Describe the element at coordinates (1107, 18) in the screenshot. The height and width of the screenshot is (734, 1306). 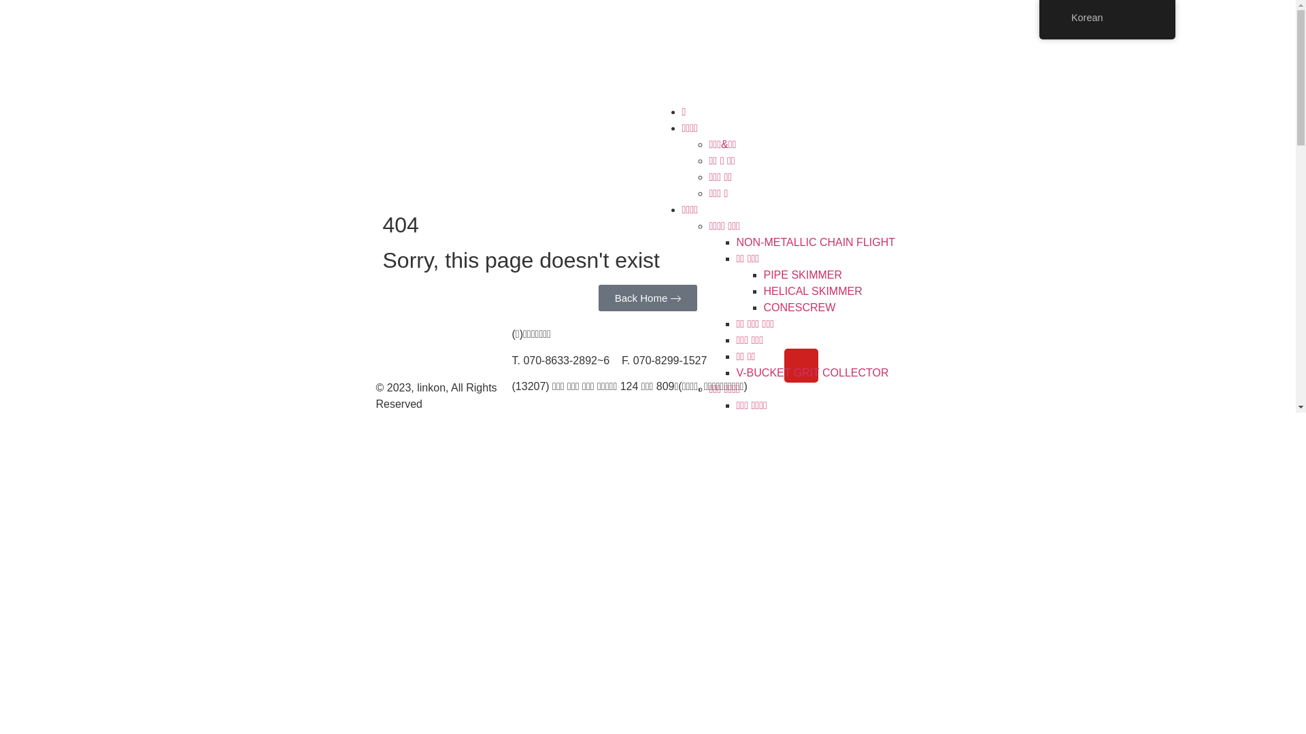
I see `'Korean'` at that location.